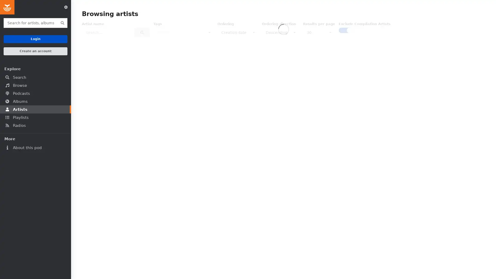 The image size is (496, 279). I want to click on Play artist, so click(461, 88).